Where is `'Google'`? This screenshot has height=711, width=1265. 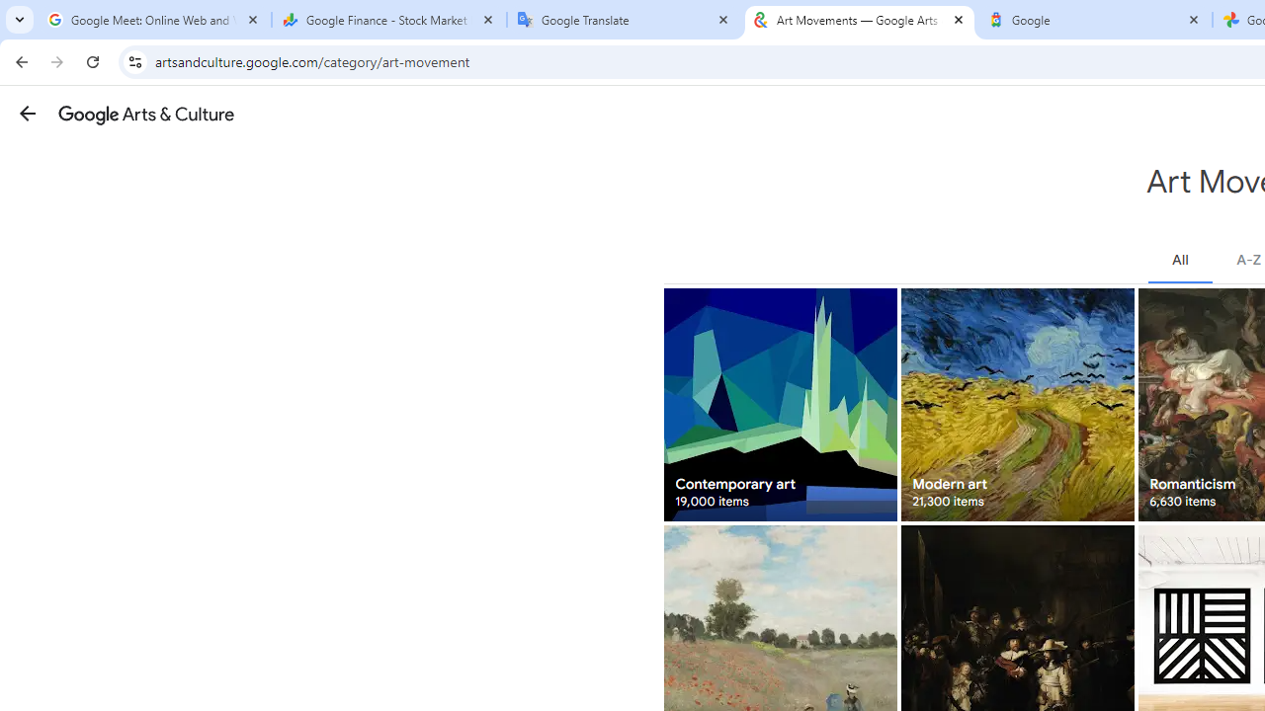
'Google' is located at coordinates (1094, 20).